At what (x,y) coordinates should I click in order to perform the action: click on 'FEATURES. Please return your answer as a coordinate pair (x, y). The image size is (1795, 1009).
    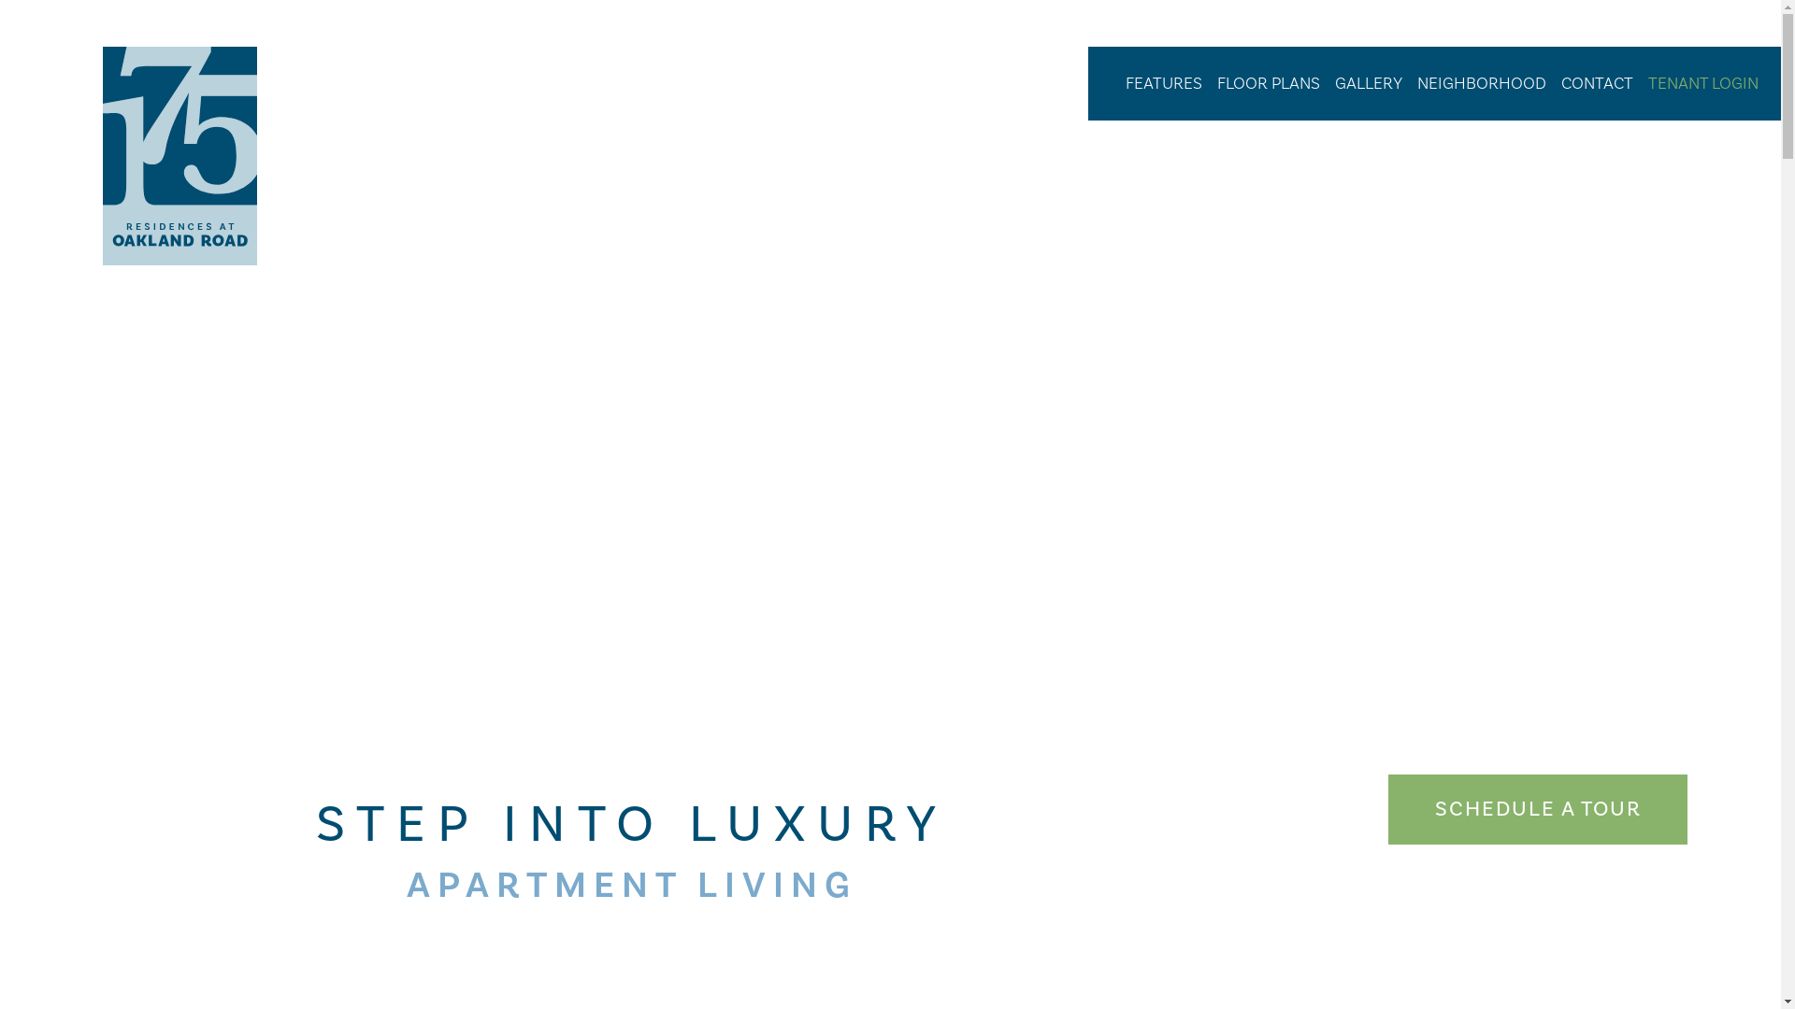
    Looking at the image, I should click on (1162, 82).